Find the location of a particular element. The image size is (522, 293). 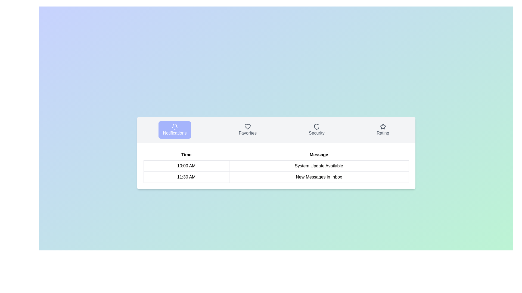

the bell icon, which is positioned within the blue circular background at the top of the 'Notifications' button is located at coordinates (175, 126).